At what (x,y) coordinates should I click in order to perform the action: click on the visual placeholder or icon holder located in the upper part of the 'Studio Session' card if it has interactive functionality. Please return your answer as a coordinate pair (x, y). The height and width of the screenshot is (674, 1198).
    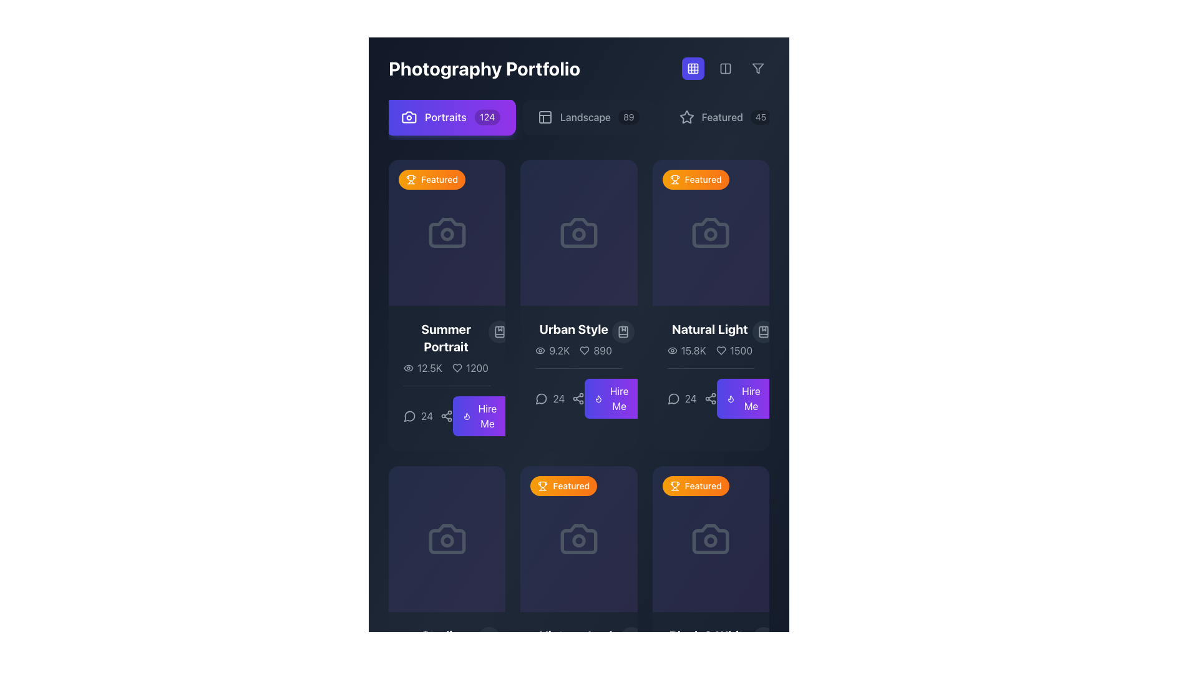
    Looking at the image, I should click on (447, 539).